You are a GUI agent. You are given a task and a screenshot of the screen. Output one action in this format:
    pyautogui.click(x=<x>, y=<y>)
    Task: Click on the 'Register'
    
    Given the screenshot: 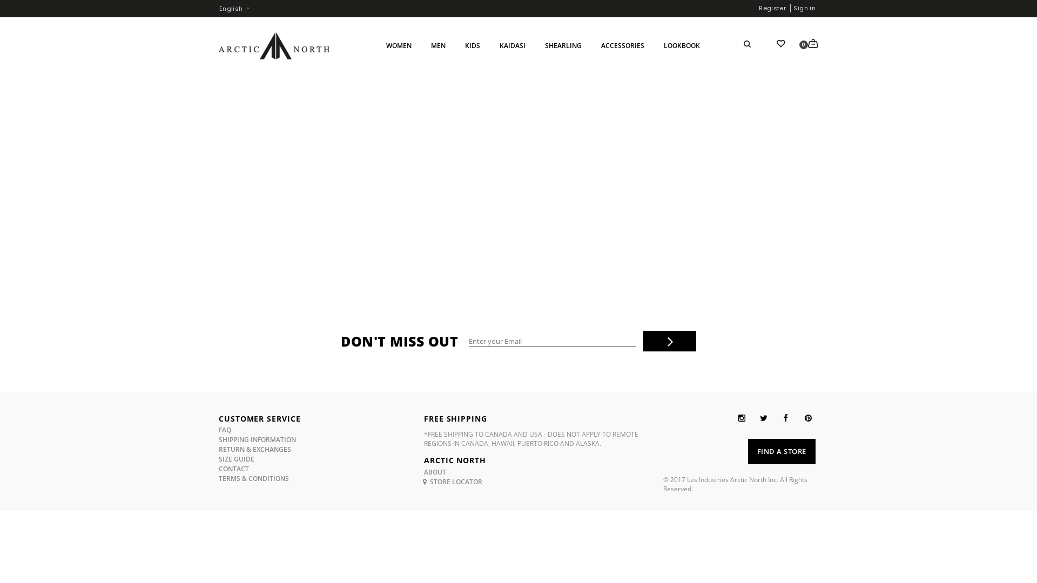 What is the action you would take?
    pyautogui.click(x=772, y=8)
    